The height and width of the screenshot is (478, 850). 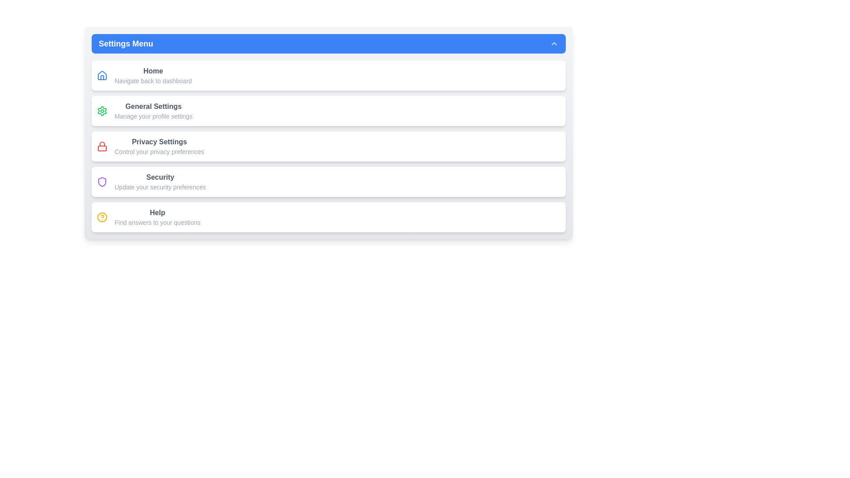 What do you see at coordinates (153, 81) in the screenshot?
I see `the descriptive label for the 'Home' section, which provides additional context or guidance about its functionality` at bounding box center [153, 81].